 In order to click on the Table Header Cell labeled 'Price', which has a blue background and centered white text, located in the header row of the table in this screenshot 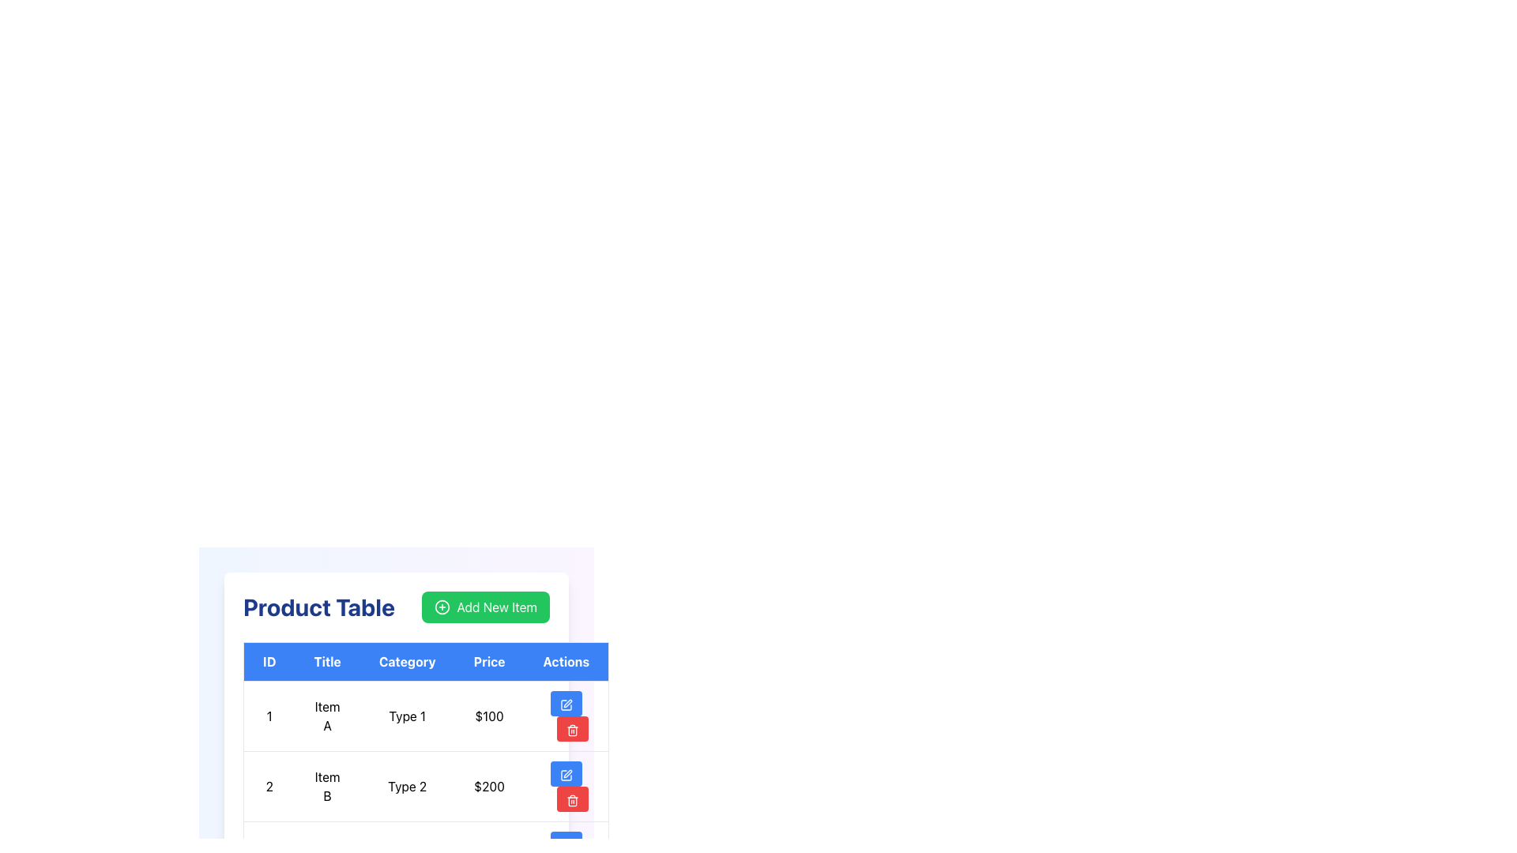, I will do `click(488, 661)`.